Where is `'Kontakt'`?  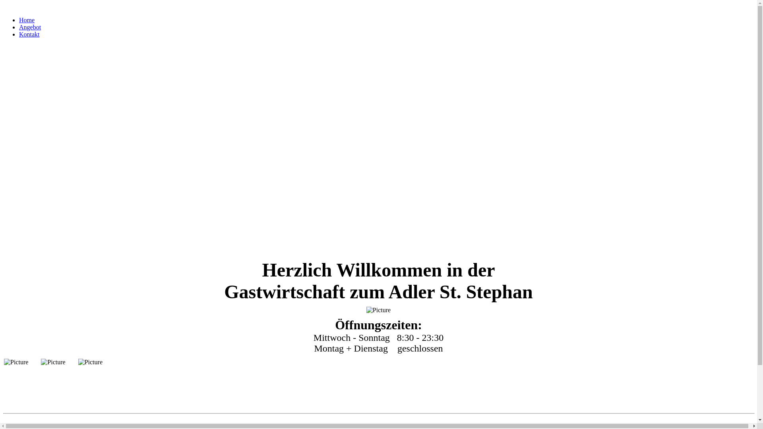
'Kontakt' is located at coordinates (29, 34).